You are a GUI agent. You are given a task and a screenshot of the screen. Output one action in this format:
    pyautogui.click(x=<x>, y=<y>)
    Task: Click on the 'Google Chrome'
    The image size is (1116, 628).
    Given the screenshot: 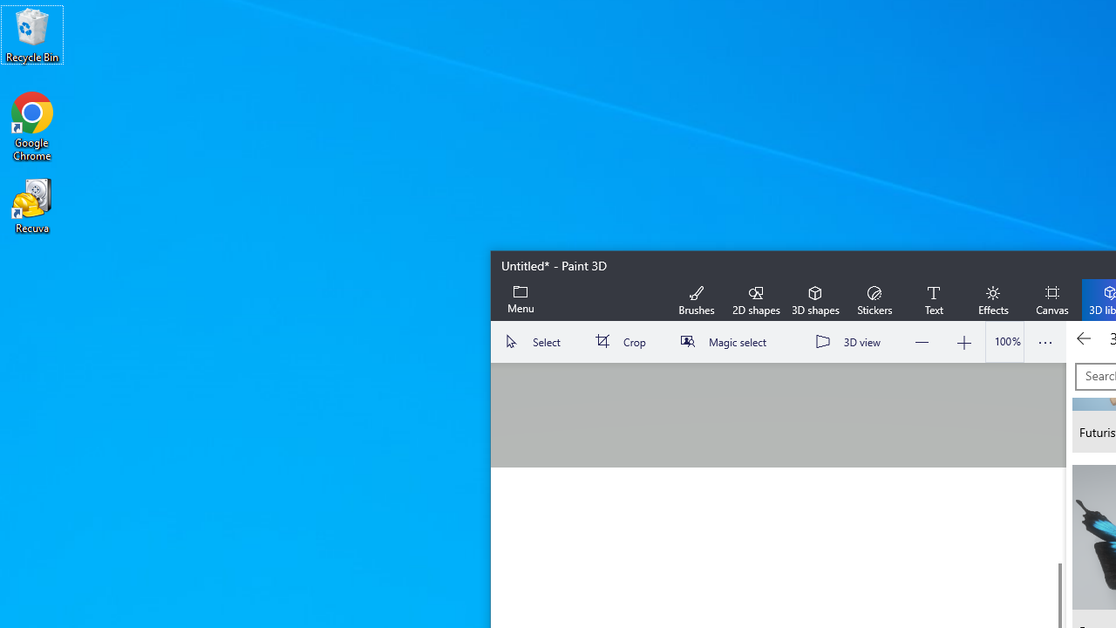 What is the action you would take?
    pyautogui.click(x=32, y=126)
    